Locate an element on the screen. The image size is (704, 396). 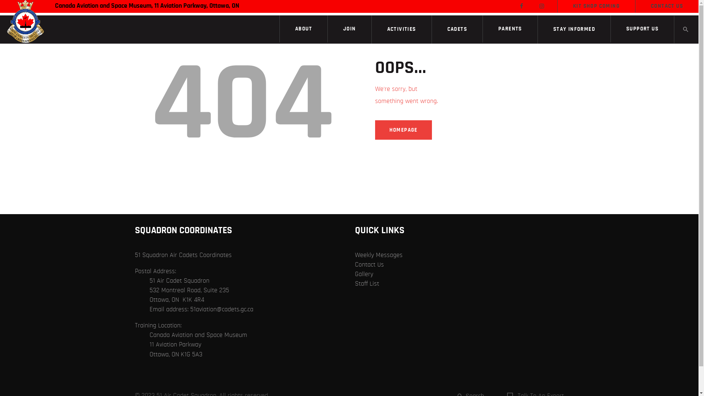
'KIT SHOP COMING' is located at coordinates (596, 6).